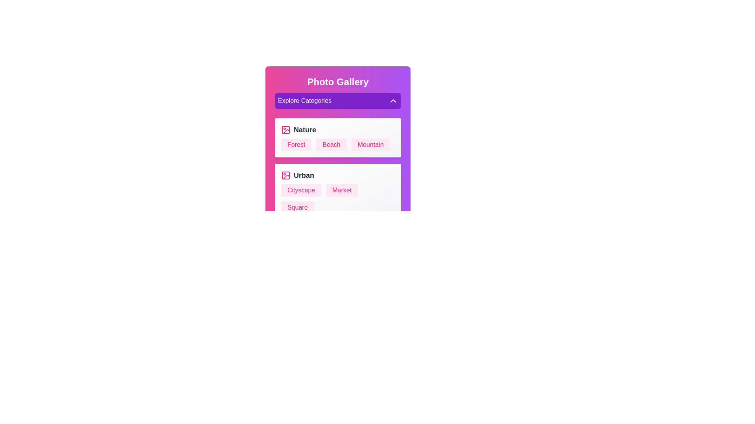 This screenshot has width=755, height=424. Describe the element at coordinates (338, 101) in the screenshot. I see `the text element labeled 'Explore Categories' to select it` at that location.